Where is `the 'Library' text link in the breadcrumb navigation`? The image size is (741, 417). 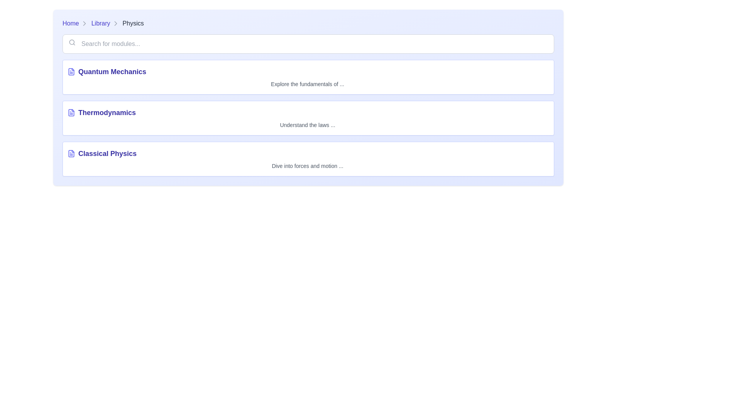
the 'Library' text link in the breadcrumb navigation is located at coordinates (100, 23).